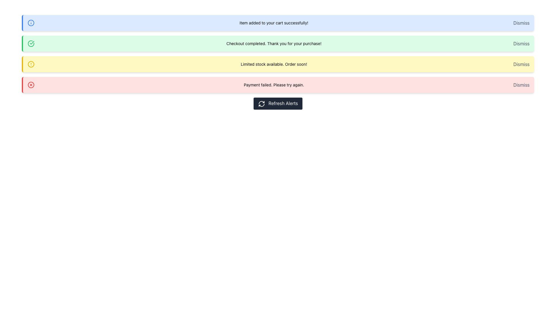 The image size is (552, 310). Describe the element at coordinates (31, 64) in the screenshot. I see `the circular icon located within the yellow notification banner, which corresponds to a warning or information message, positioned in the third notification from the top on the left side` at that location.